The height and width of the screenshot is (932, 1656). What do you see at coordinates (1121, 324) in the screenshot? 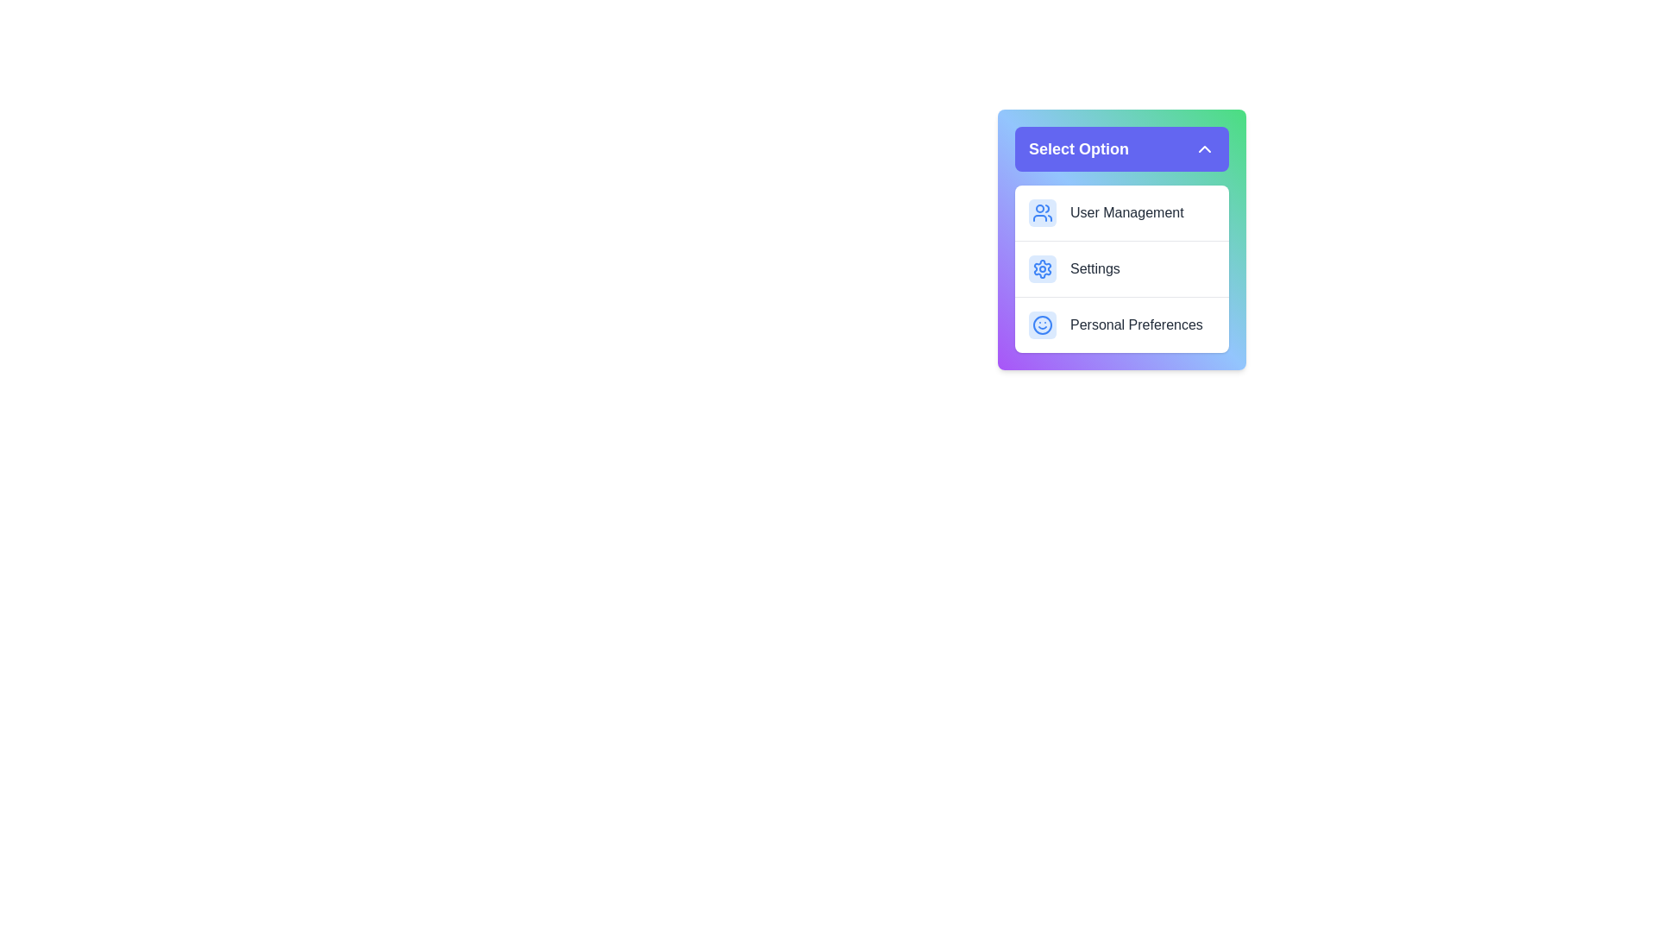
I see `the 'Personal Preferences' menu item, which is the third item in the list under the 'Select Option' header, featuring a blue smiling emoji icon and bold medium gray text` at bounding box center [1121, 324].